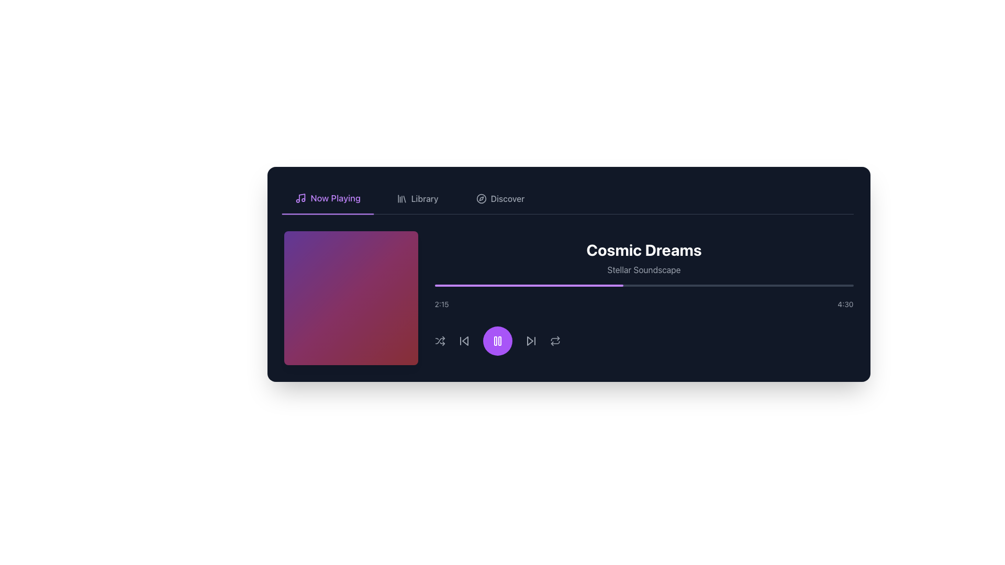 The width and height of the screenshot is (1005, 565). I want to click on the SVG Circle located at the center of the compass-like icon within the top navigation bar, which is part of the 'Discover' section, to interact with nearby features, so click(481, 199).